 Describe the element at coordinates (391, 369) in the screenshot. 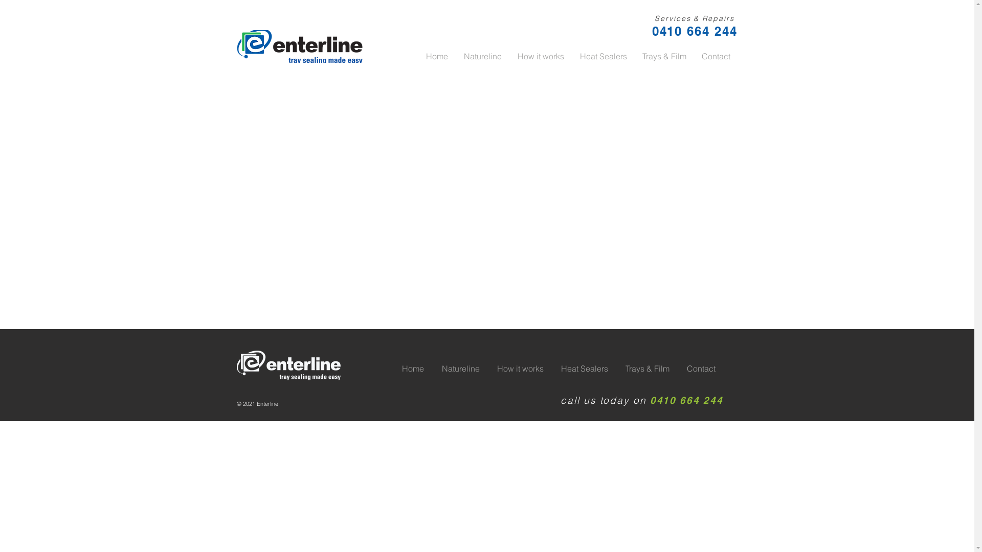

I see `'Home'` at that location.